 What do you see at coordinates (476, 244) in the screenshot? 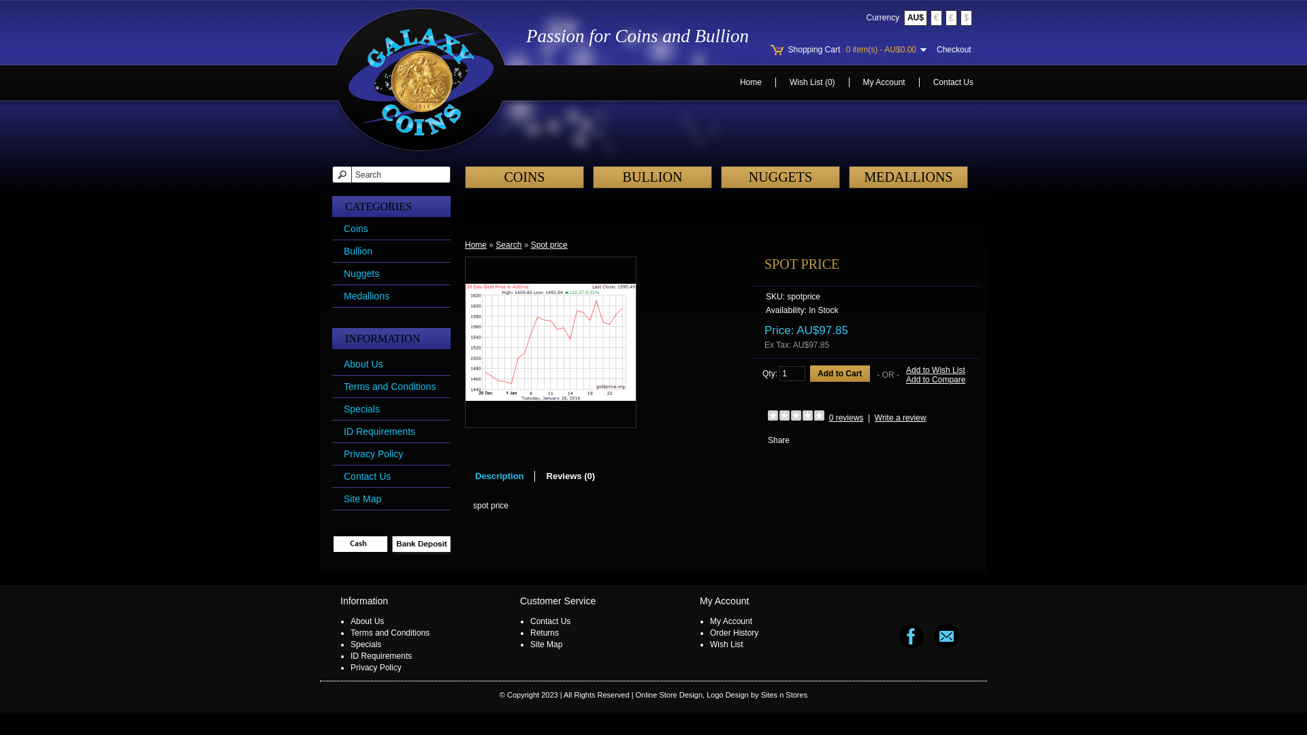
I see `'Home'` at bounding box center [476, 244].